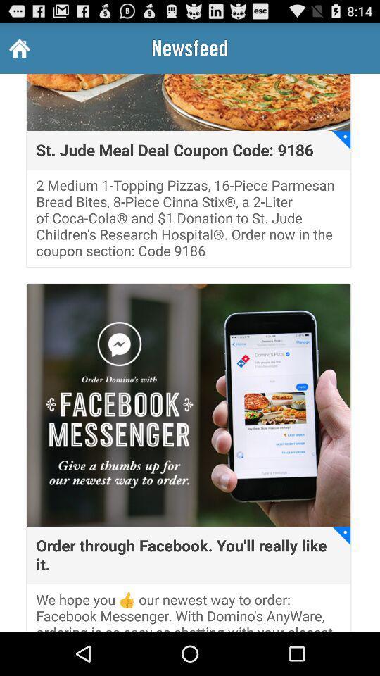 The width and height of the screenshot is (380, 676). I want to click on the 2 medium 1 item, so click(189, 222).